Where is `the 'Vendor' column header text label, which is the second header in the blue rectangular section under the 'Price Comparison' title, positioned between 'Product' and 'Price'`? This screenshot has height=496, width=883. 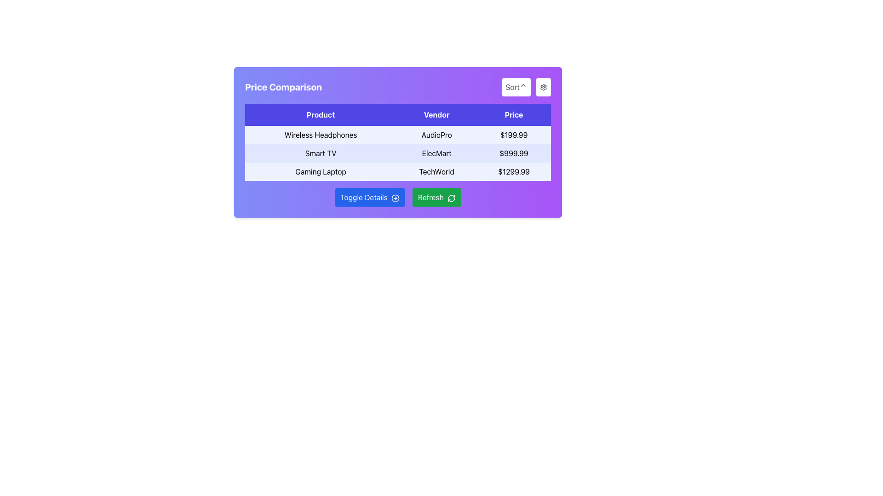
the 'Vendor' column header text label, which is the second header in the blue rectangular section under the 'Price Comparison' title, positioned between 'Product' and 'Price' is located at coordinates (436, 114).